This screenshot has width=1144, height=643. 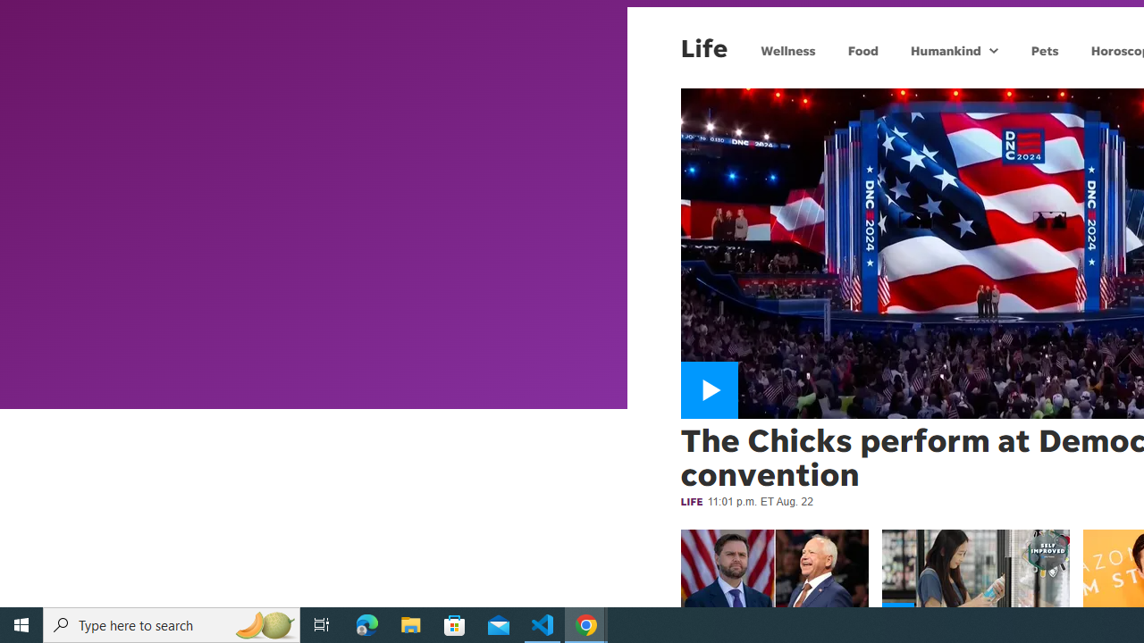 I want to click on 'Search highlights icon opens search home window', so click(x=263, y=623).